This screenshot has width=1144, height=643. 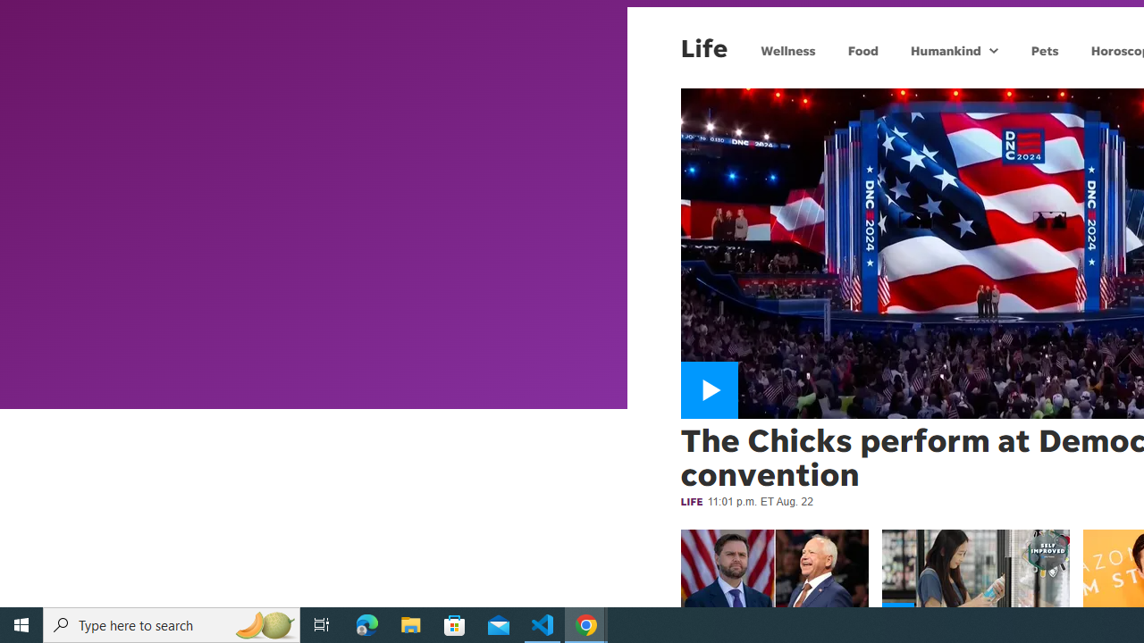 I want to click on 'Search highlights icon opens search home window', so click(x=263, y=623).